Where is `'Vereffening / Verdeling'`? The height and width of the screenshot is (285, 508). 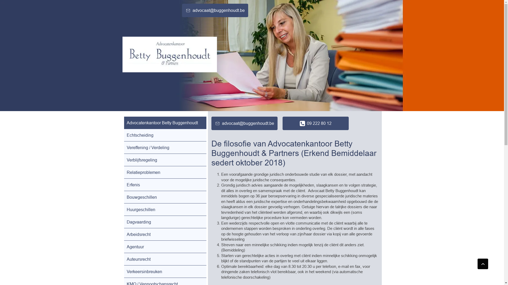
'Vereffening / Verdeling' is located at coordinates (165, 148).